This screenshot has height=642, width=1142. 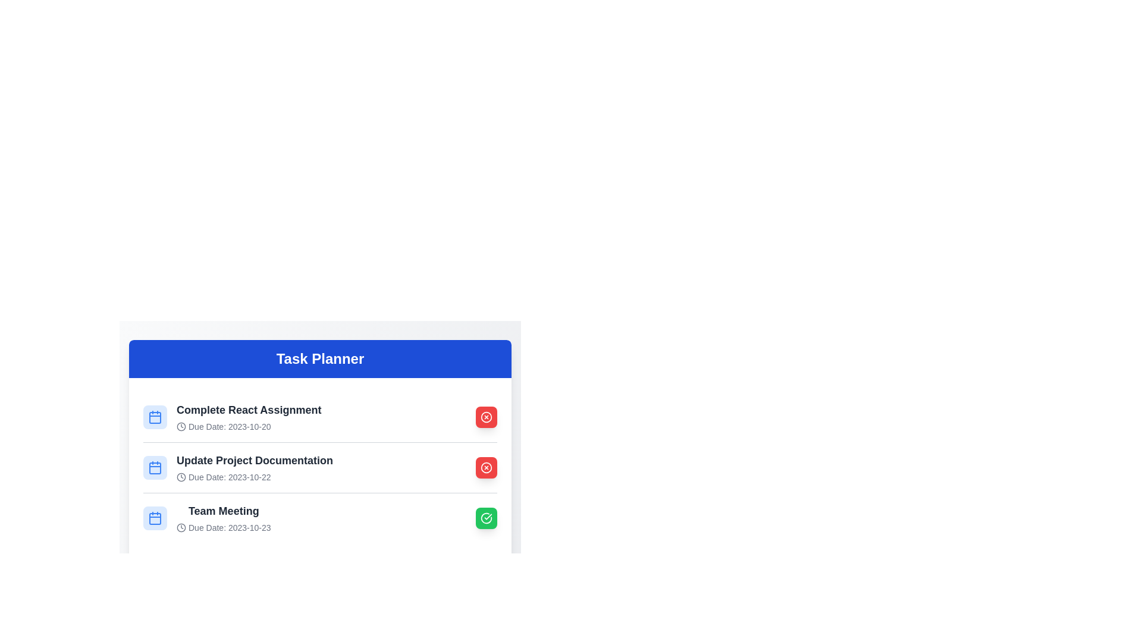 What do you see at coordinates (248, 426) in the screenshot?
I see `informational text that says 'Due Date: 2023-10-20' which is located below the task name 'Complete React Assignment' in the task card under 'Task Planner'` at bounding box center [248, 426].